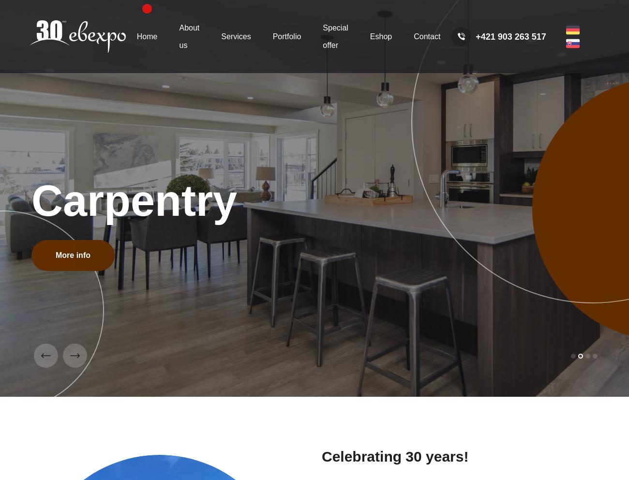  Describe the element at coordinates (314, 30) in the screenshot. I see `'Senec'` at that location.